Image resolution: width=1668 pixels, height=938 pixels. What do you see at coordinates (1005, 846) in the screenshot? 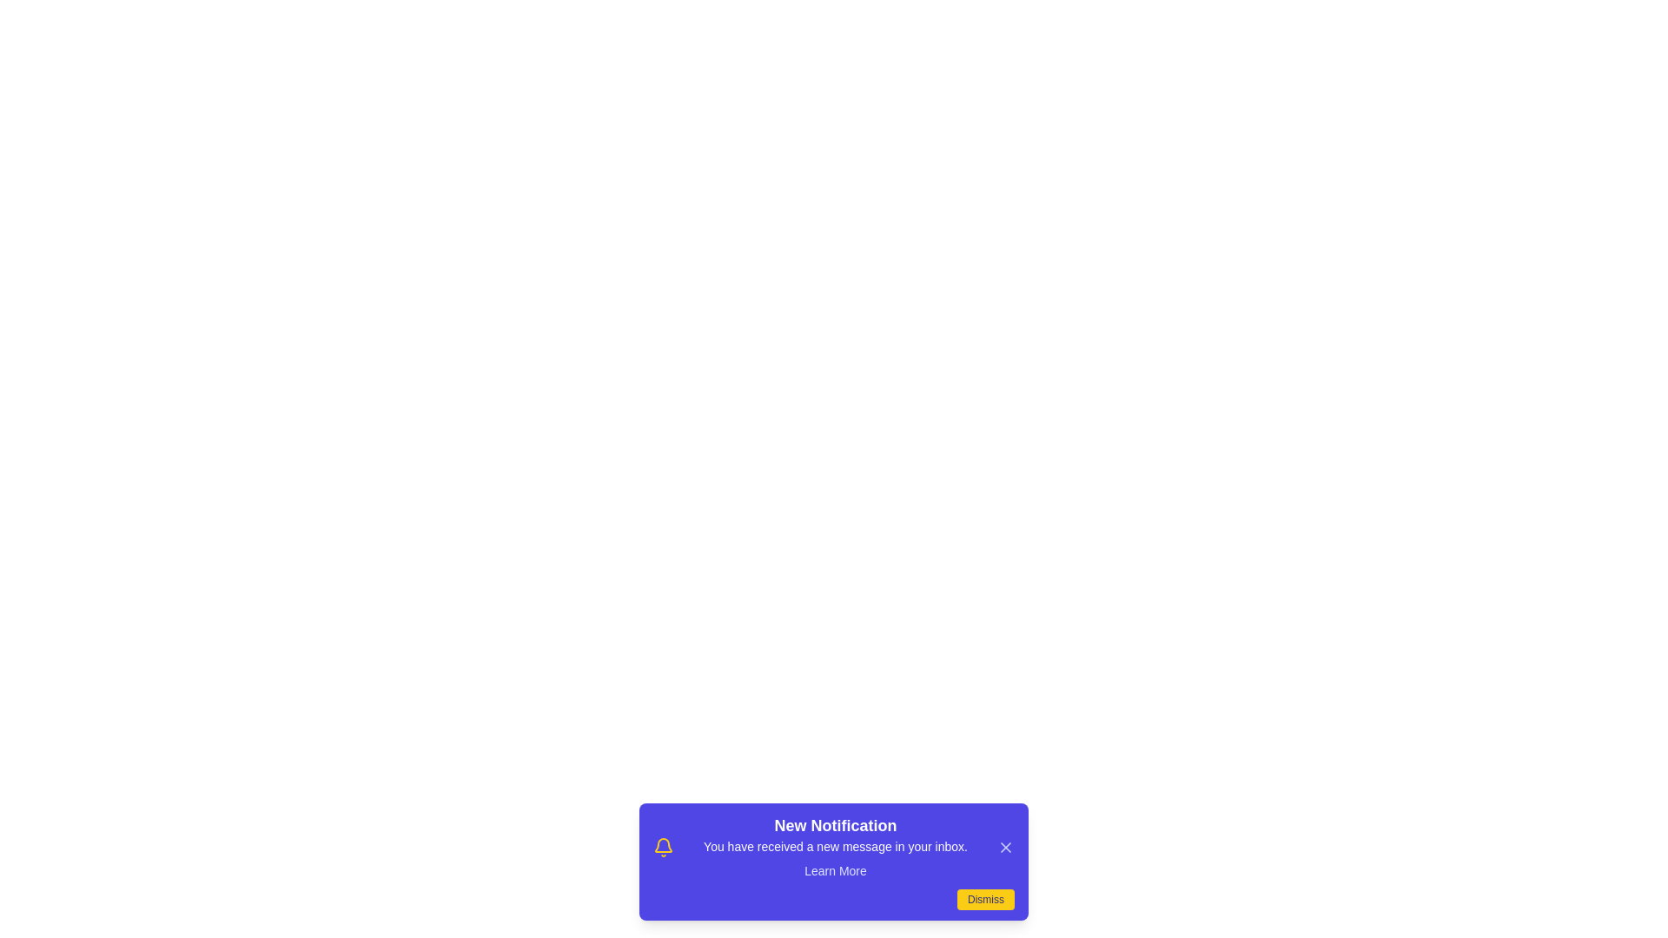
I see `the close icon (X) to hide the notification` at bounding box center [1005, 846].